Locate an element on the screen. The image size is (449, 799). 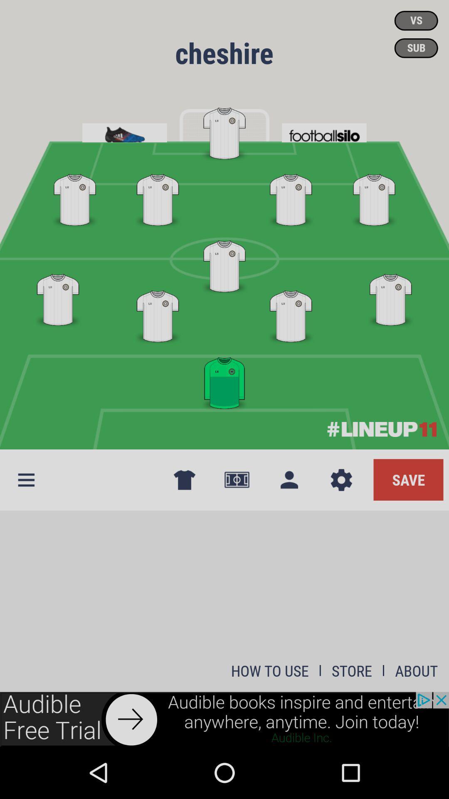
the icon which is to the left side of the contact icon is located at coordinates (237, 480).